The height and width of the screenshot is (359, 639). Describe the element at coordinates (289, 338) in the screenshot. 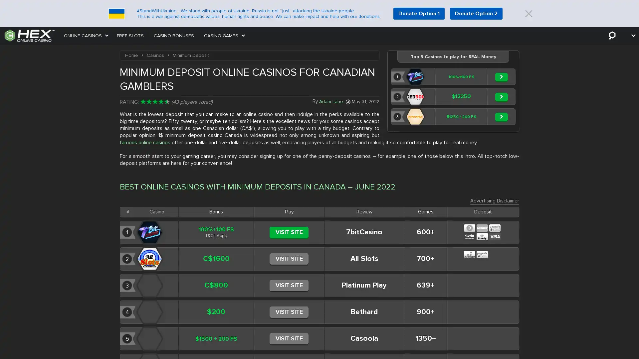

I see `VISIT SITE` at that location.